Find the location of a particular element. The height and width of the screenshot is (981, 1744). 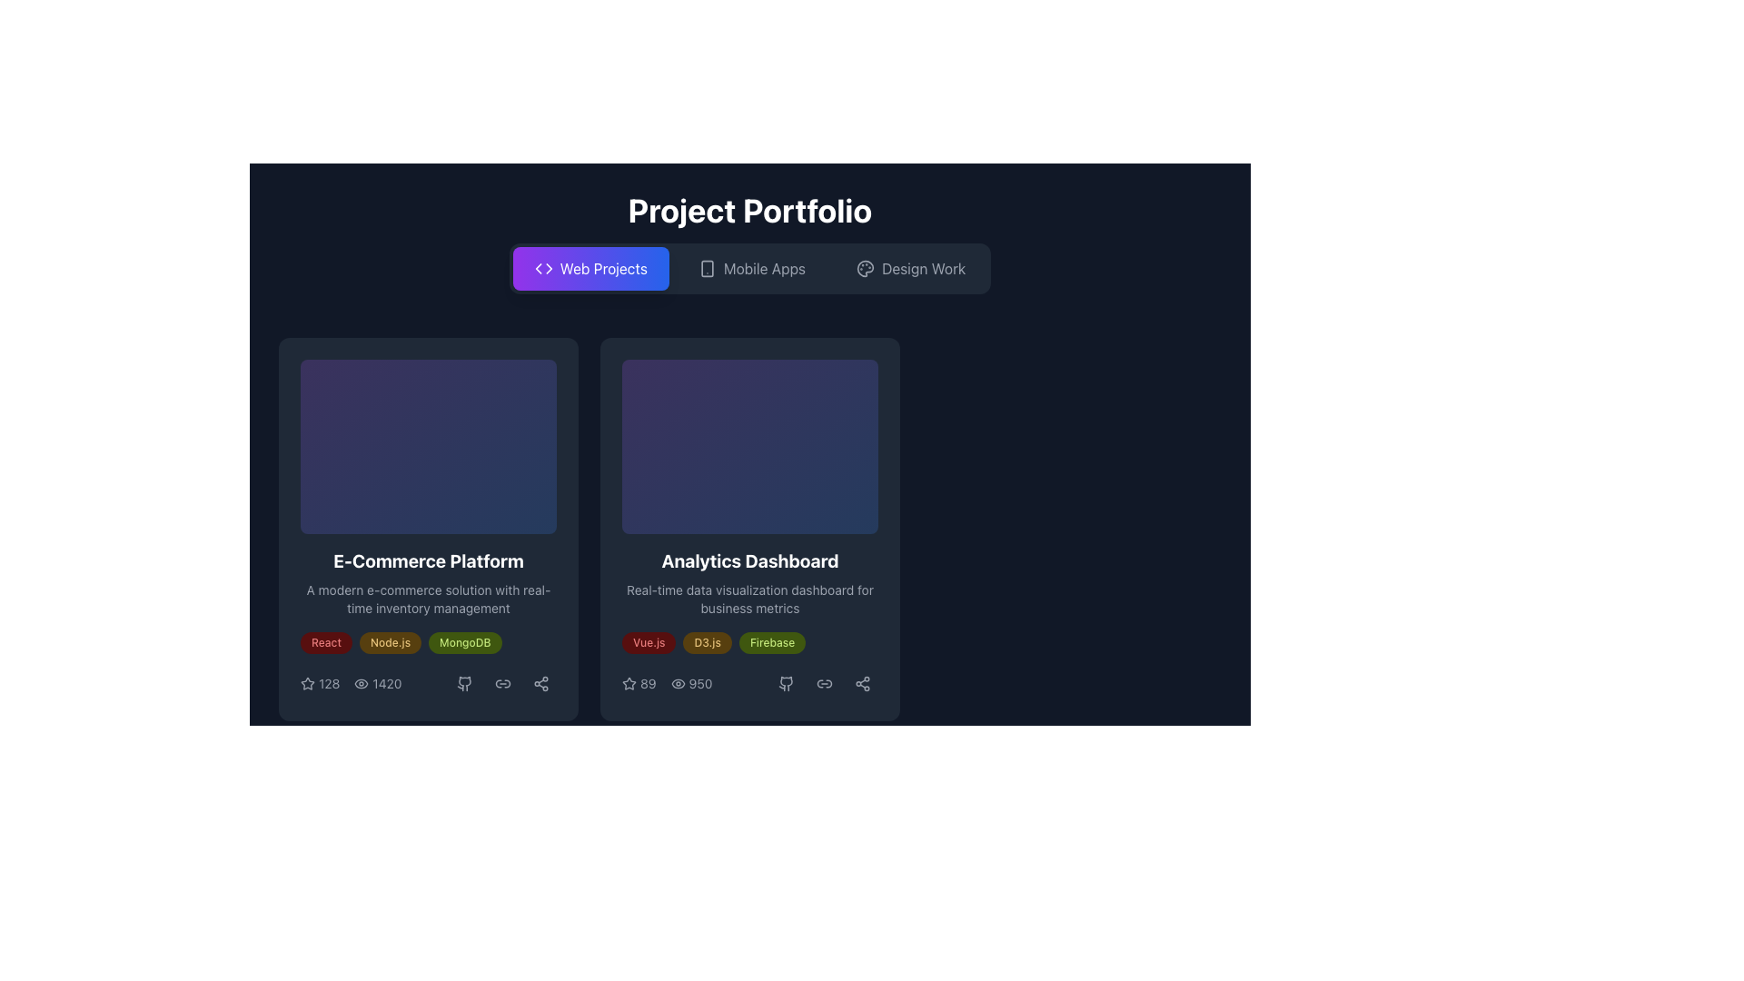

the star-shaped icon with a hollow center located in the bottom-left section of the 'E-Commerce Platform' card, aligning horizontally with the numeric text '128' is located at coordinates (629, 683).